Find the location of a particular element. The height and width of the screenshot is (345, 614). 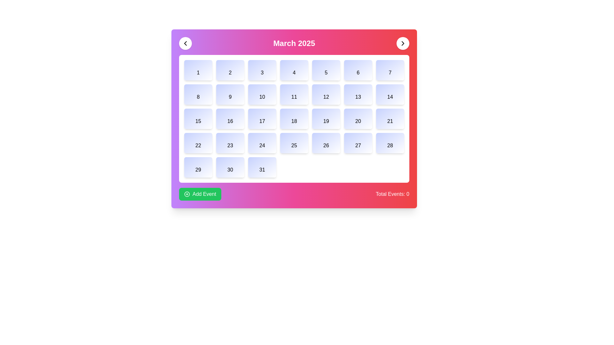

the clickable date cell representing the date '30' in the calendar grid for mobile interaction is located at coordinates (230, 167).